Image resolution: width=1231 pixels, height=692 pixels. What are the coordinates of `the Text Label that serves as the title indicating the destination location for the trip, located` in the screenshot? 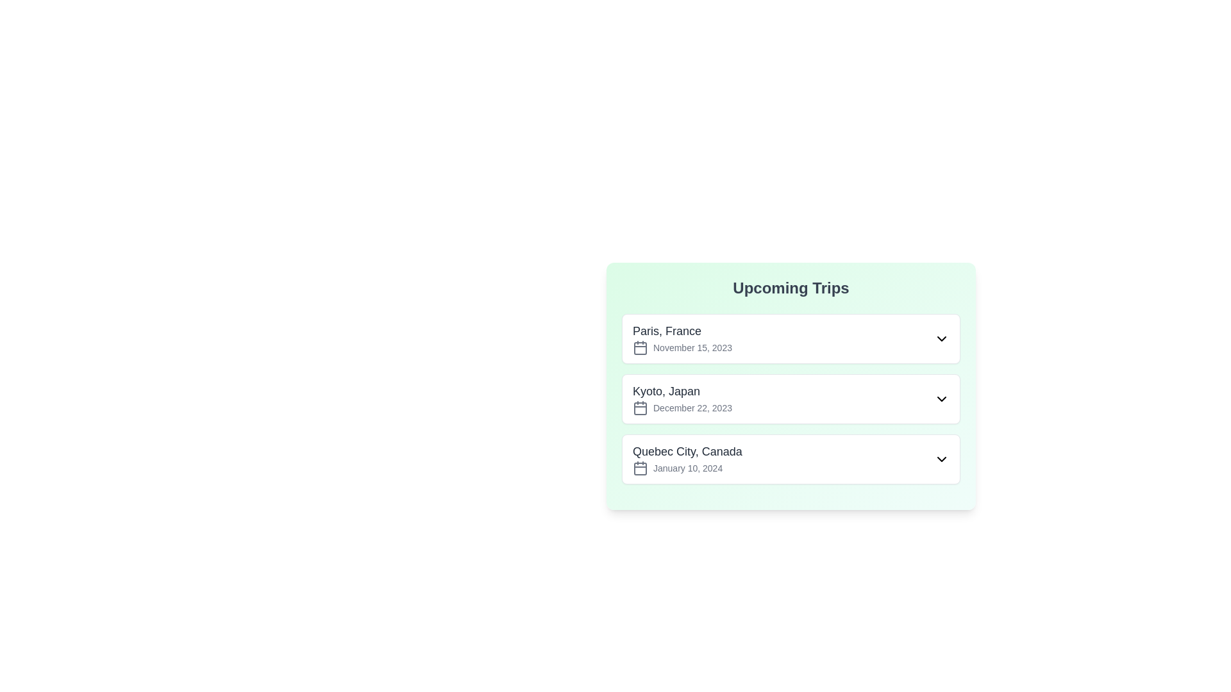 It's located at (686, 451).